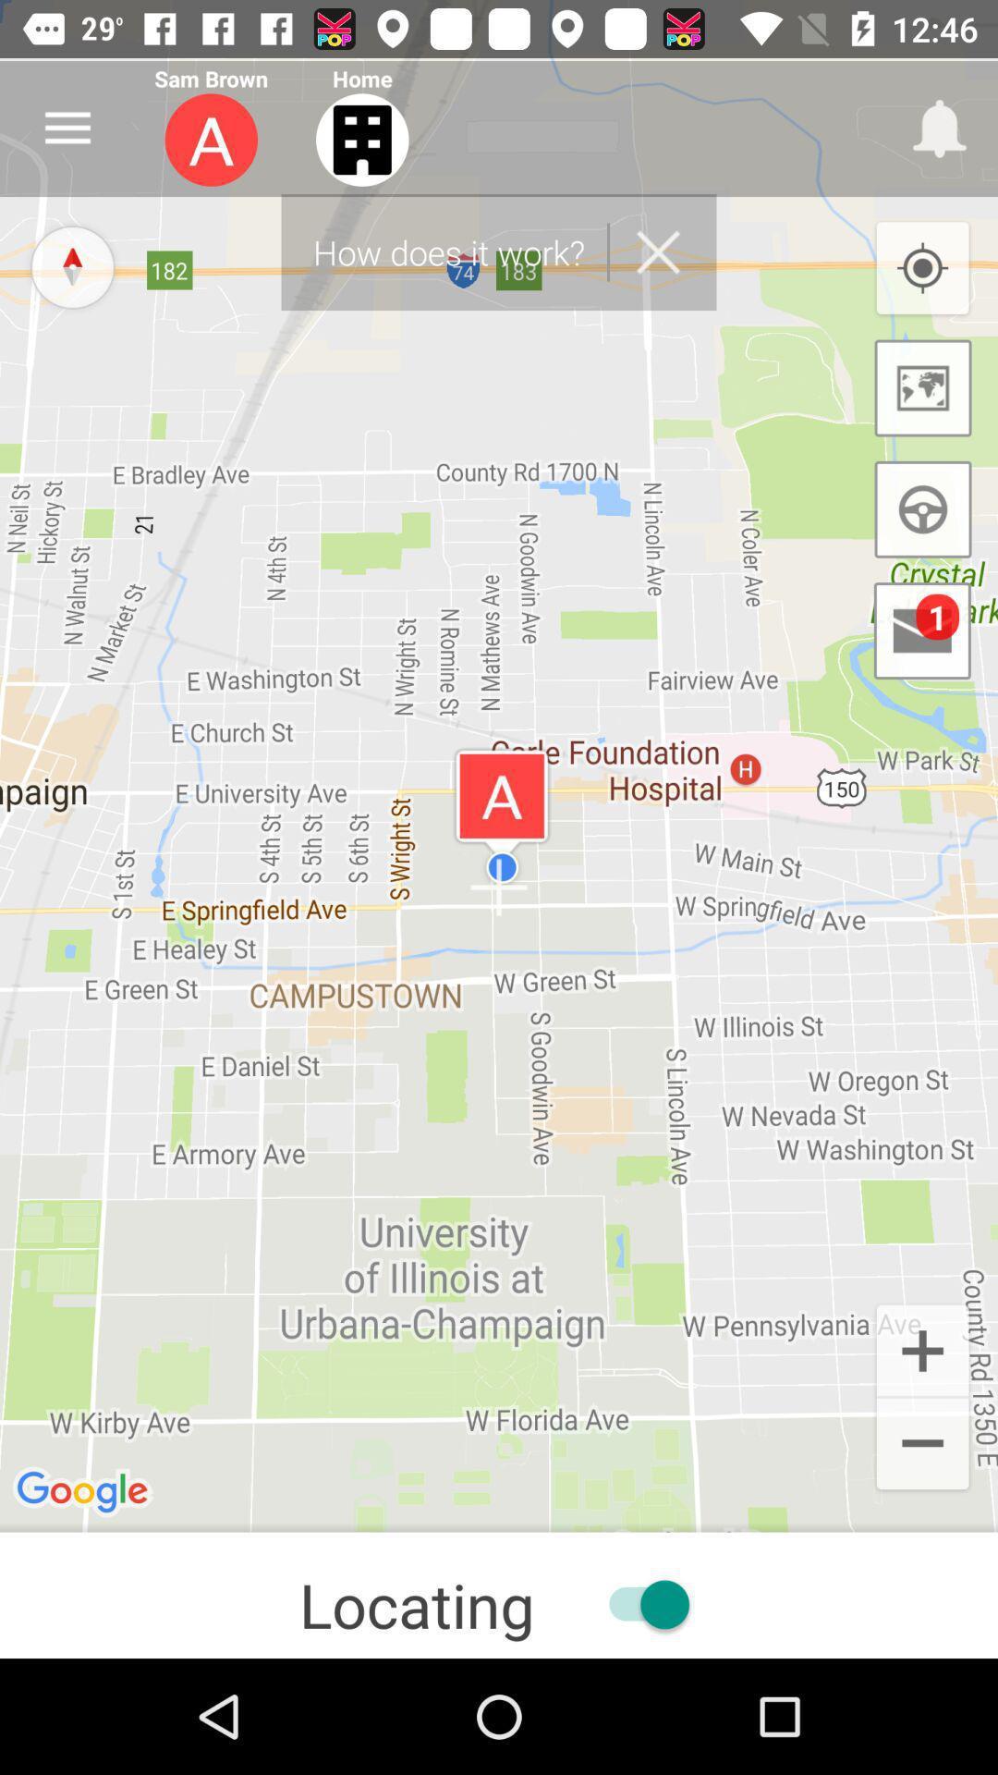 The width and height of the screenshot is (998, 1775). Describe the element at coordinates (922, 268) in the screenshot. I see `the location_crosshair icon` at that location.